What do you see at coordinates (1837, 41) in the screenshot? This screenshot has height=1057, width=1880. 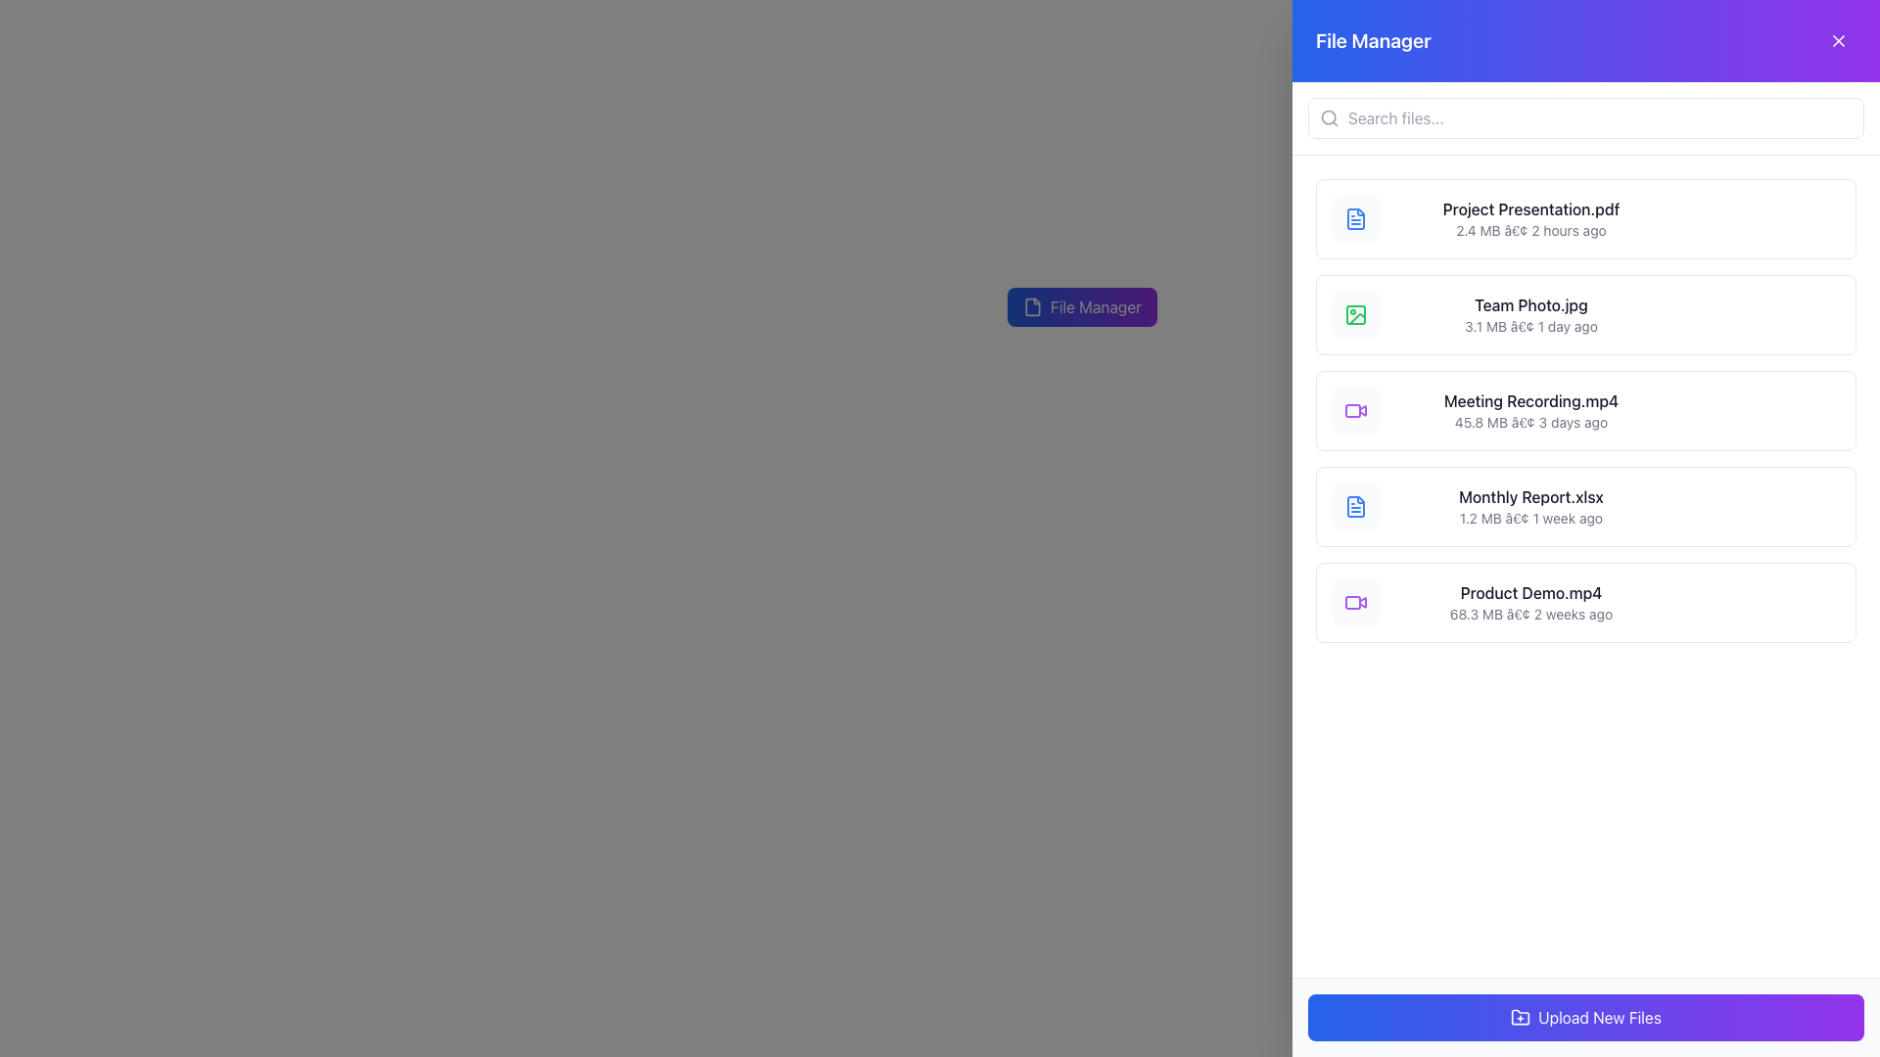 I see `the decorative part of the 'X'-shaped icon located in the top right corner of the file manager interface` at bounding box center [1837, 41].